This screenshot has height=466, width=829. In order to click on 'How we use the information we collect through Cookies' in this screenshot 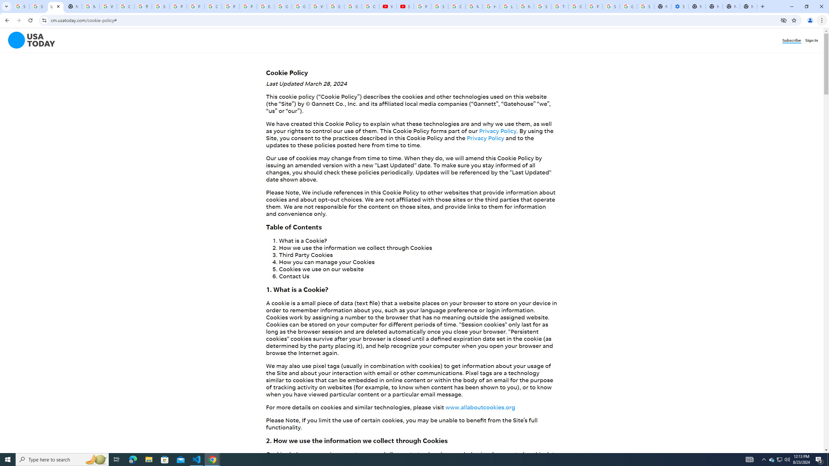, I will do `click(355, 248)`.